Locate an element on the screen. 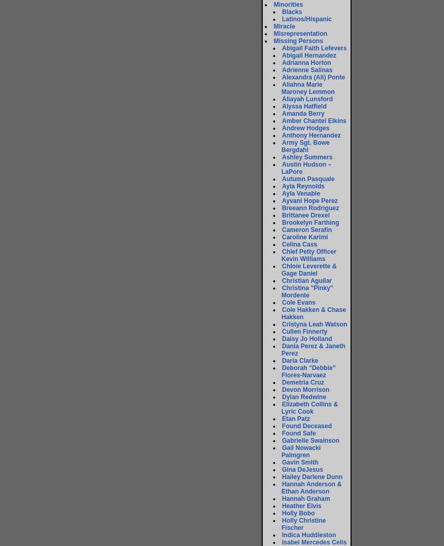  'Autumn Pasquale' is located at coordinates (282, 178).